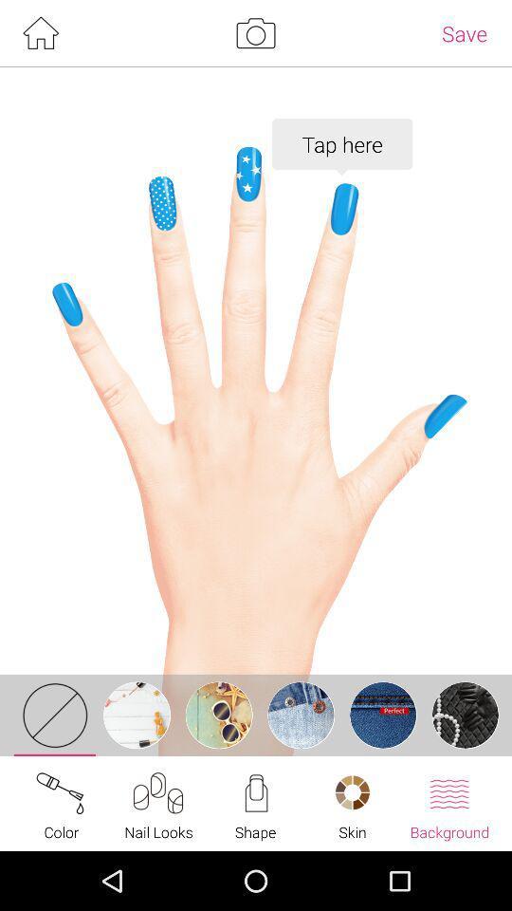 This screenshot has width=512, height=911. What do you see at coordinates (255, 34) in the screenshot?
I see `the photo icon` at bounding box center [255, 34].